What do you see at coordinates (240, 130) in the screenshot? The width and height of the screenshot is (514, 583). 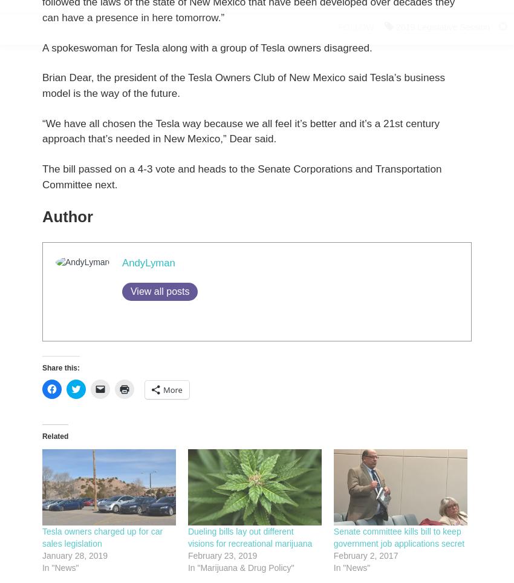 I see `'“We have all chosen the Tesla way because we all feel it’s better and it’s a 21st century approach that’s needed in New Mexico,” Dear said.'` at bounding box center [240, 130].